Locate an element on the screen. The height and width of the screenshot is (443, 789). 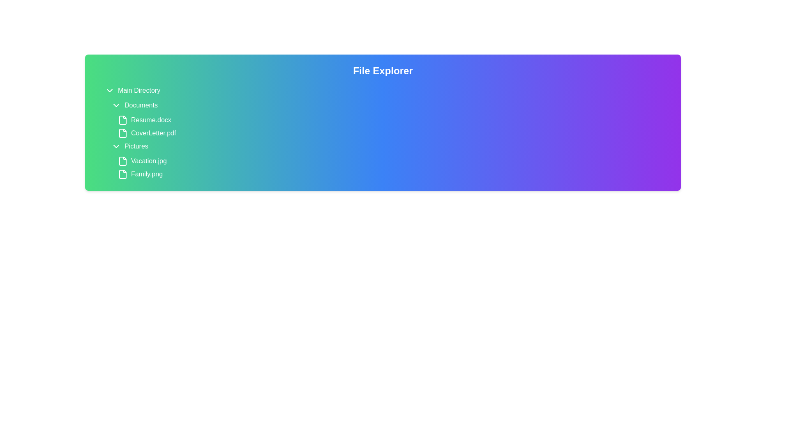
the downward-pointing chevron icon, which is styled with a stroke line in white against a green background and is located to the left of the text 'Documents' in a collapsible menu section is located at coordinates (116, 105).